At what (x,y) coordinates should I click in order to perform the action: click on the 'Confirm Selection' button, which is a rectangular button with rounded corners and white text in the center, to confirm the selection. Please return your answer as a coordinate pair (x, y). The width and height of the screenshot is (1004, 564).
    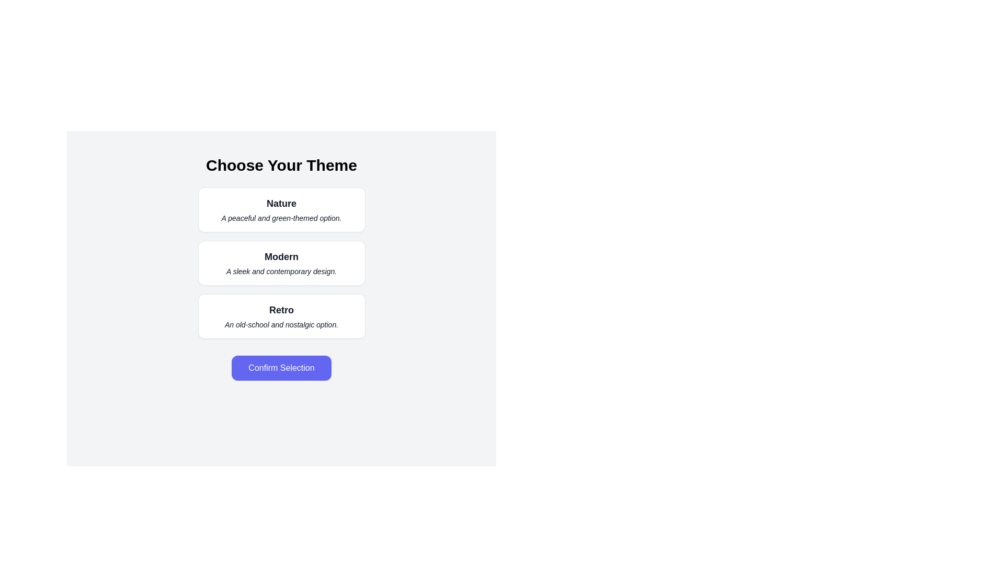
    Looking at the image, I should click on (281, 368).